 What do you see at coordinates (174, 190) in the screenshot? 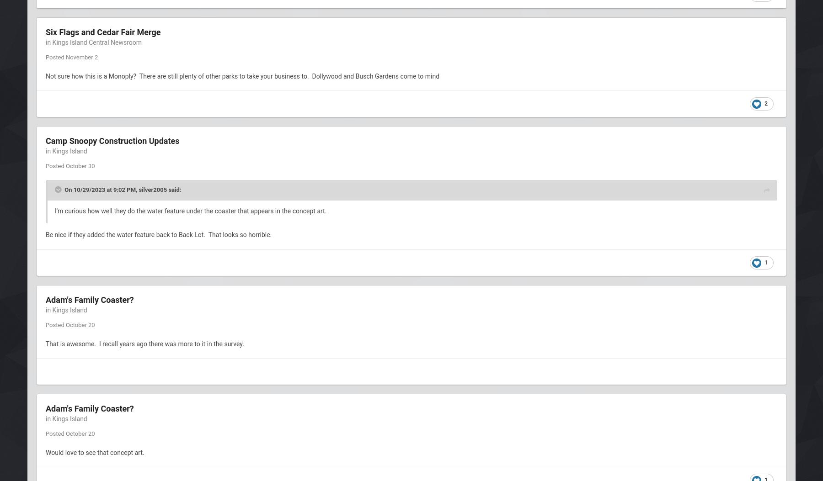
I see `'said:'` at bounding box center [174, 190].